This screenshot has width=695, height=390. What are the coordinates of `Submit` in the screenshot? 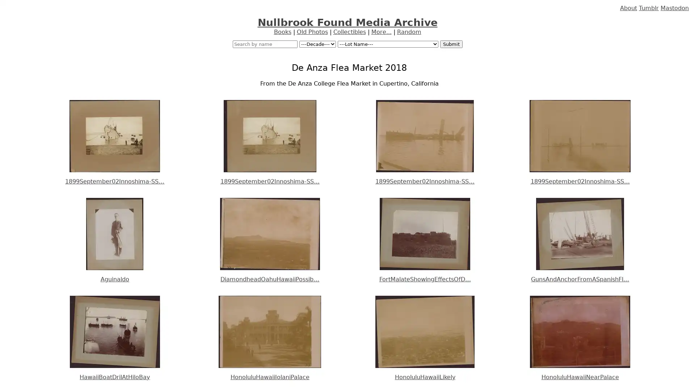 It's located at (451, 44).